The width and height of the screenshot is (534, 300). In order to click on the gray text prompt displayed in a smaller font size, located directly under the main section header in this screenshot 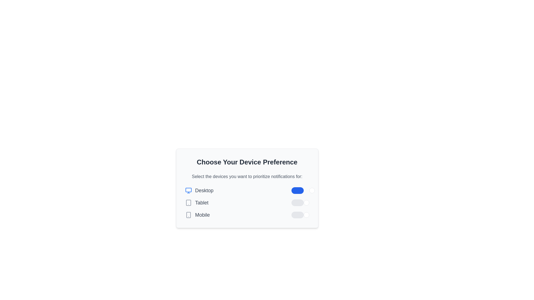, I will do `click(247, 177)`.